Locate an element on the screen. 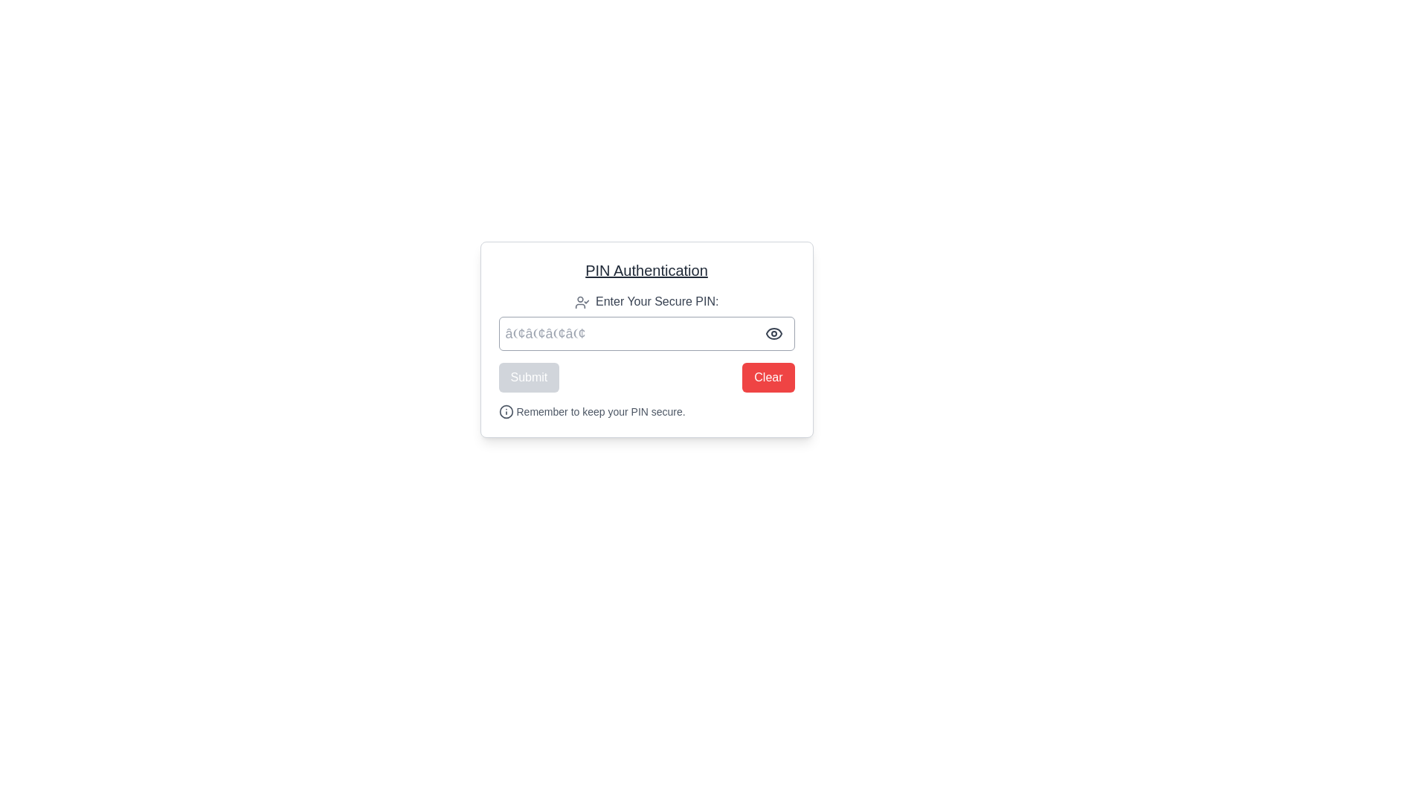 The width and height of the screenshot is (1428, 803). the static informational text reminding the user to maintain the security of their PIN, located at the bottom of the PIN authentication section, below the 'Submit' and 'Clear' buttons is located at coordinates (646, 412).